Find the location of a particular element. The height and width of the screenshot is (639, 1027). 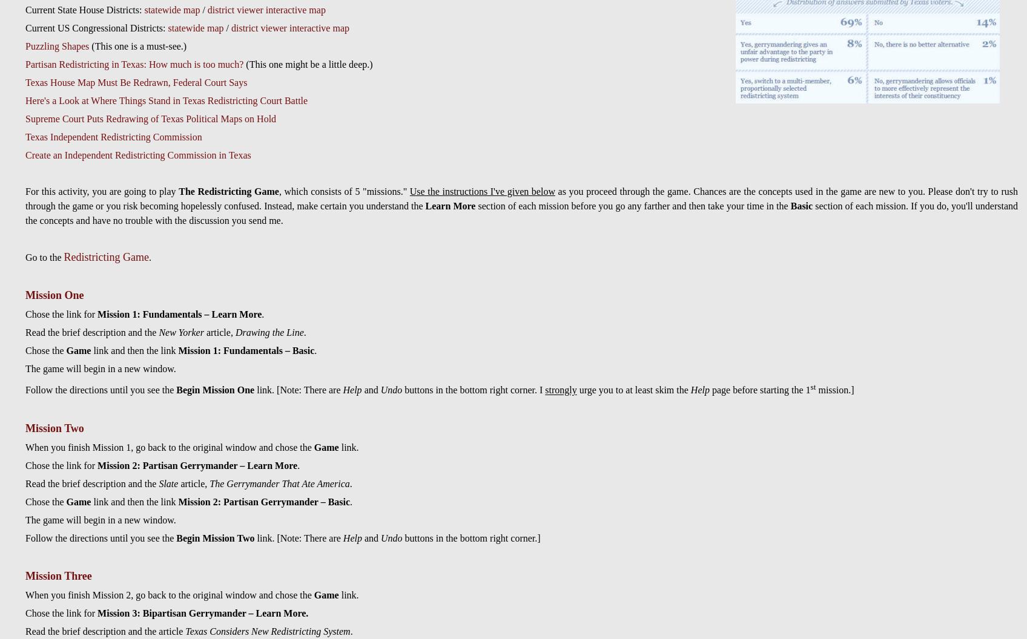

'Current State House Districts:' is located at coordinates (84, 10).